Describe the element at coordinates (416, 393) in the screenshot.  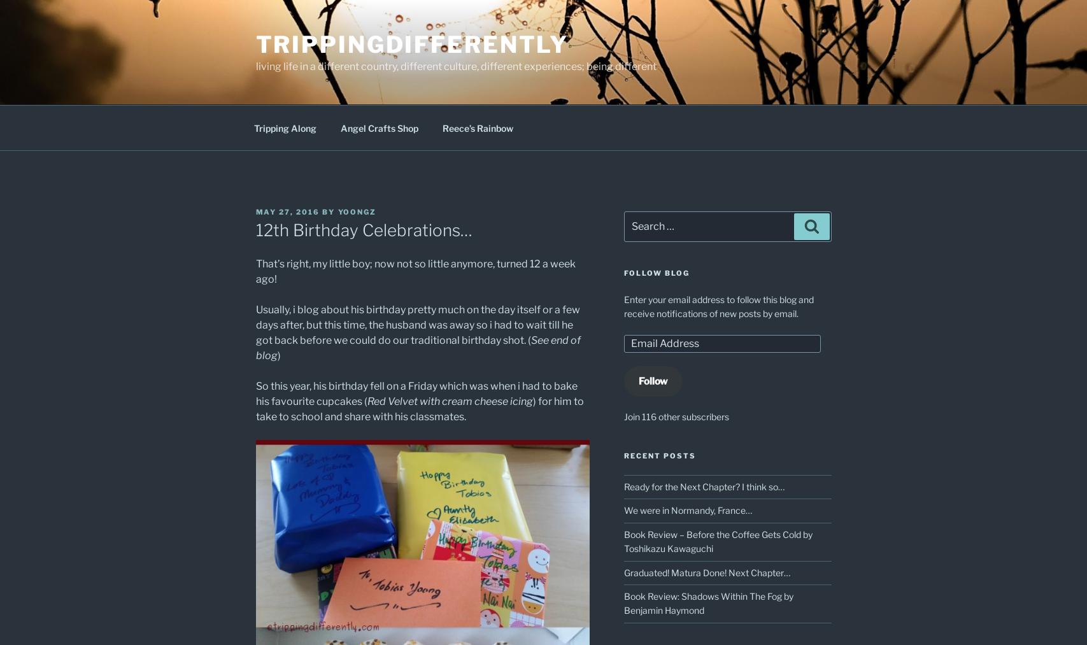
I see `'So this year, his birthday fell on a Friday which was when i had to bake his favourite cupcakes ('` at that location.